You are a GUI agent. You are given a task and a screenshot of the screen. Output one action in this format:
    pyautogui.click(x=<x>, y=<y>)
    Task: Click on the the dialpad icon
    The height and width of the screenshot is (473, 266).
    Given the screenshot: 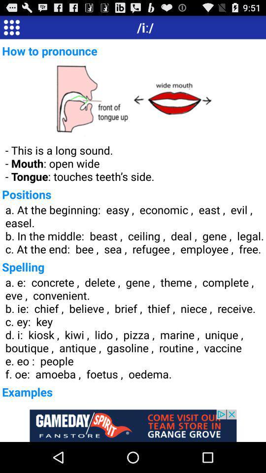 What is the action you would take?
    pyautogui.click(x=11, y=29)
    